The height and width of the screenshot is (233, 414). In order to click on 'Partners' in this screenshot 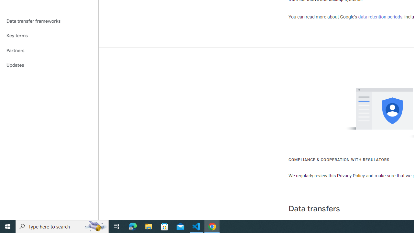, I will do `click(49, 50)`.